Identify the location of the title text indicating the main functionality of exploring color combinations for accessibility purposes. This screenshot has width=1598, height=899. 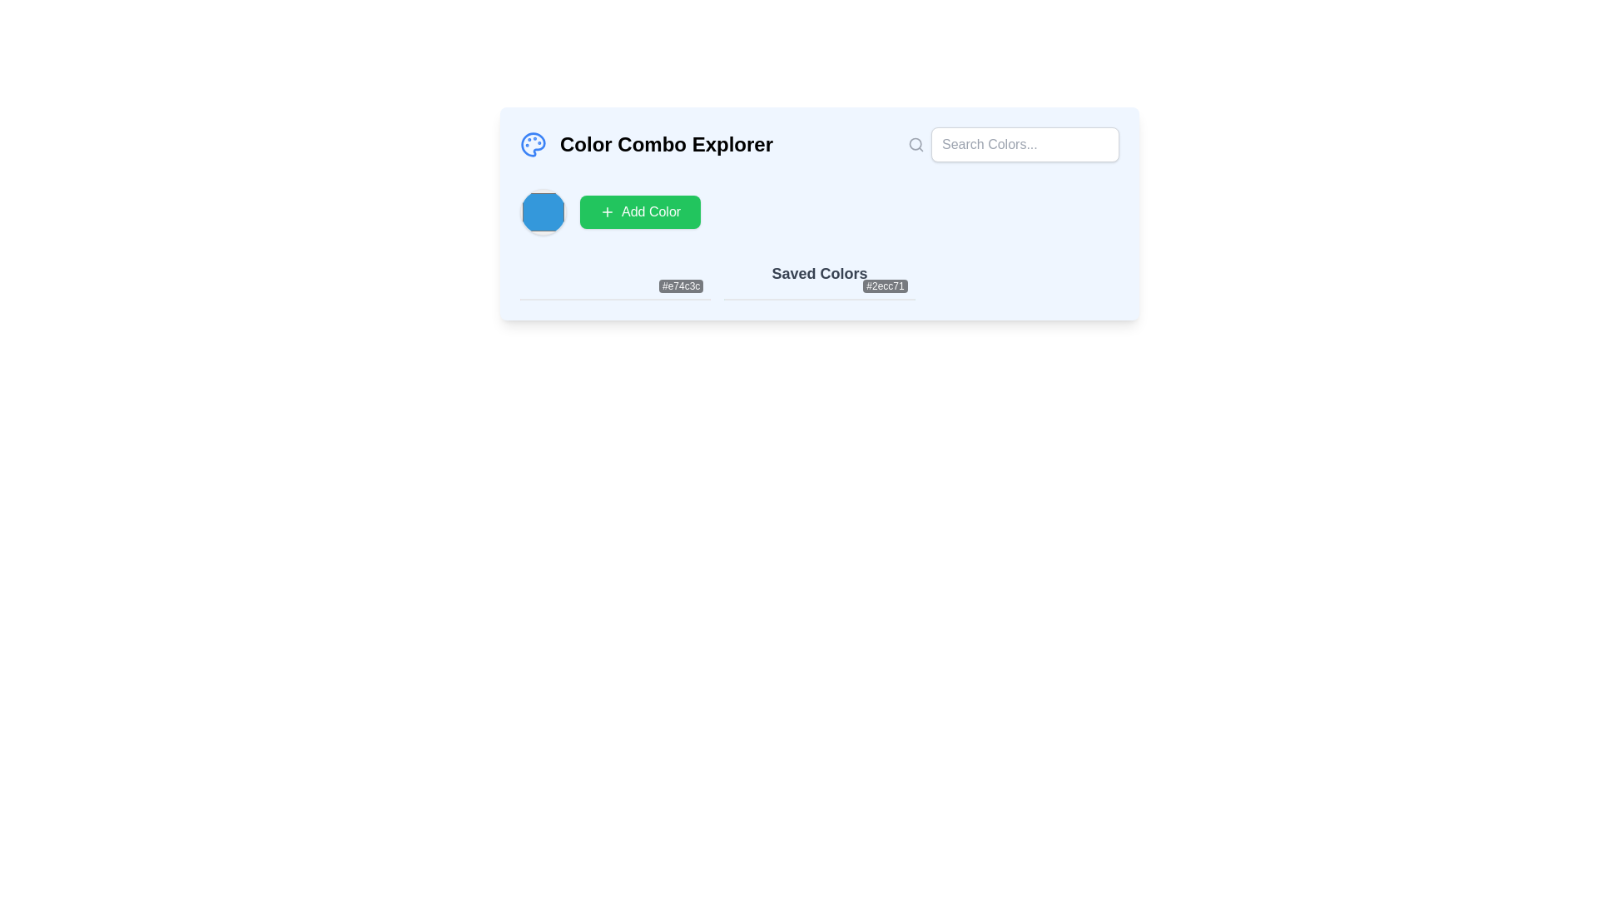
(667, 143).